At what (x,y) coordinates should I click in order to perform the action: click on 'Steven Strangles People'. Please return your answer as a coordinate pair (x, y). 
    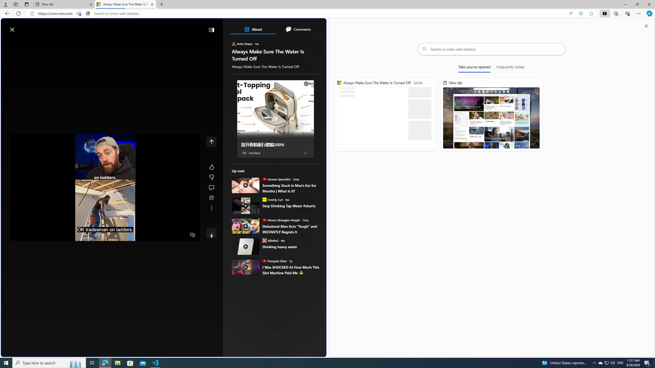
    Looking at the image, I should click on (264, 220).